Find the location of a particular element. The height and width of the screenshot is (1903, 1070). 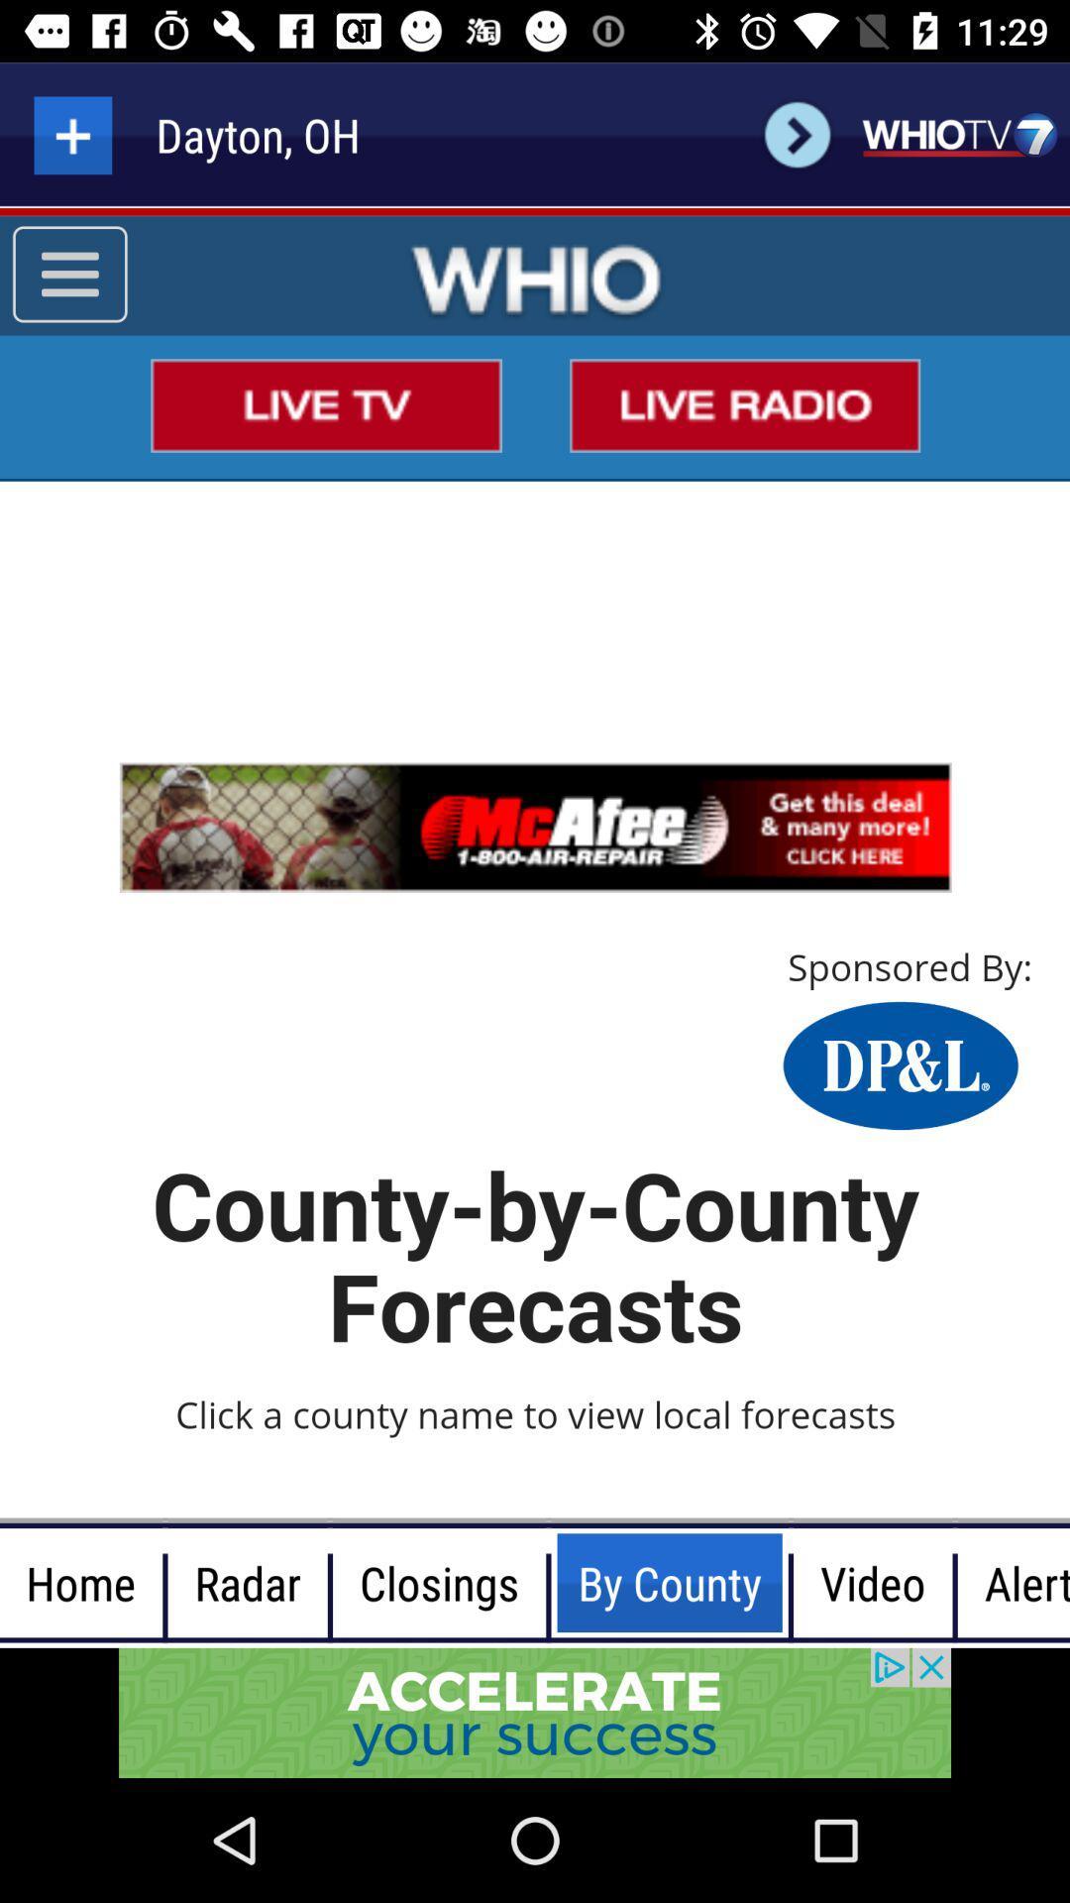

the button in the top right corner is located at coordinates (958, 134).